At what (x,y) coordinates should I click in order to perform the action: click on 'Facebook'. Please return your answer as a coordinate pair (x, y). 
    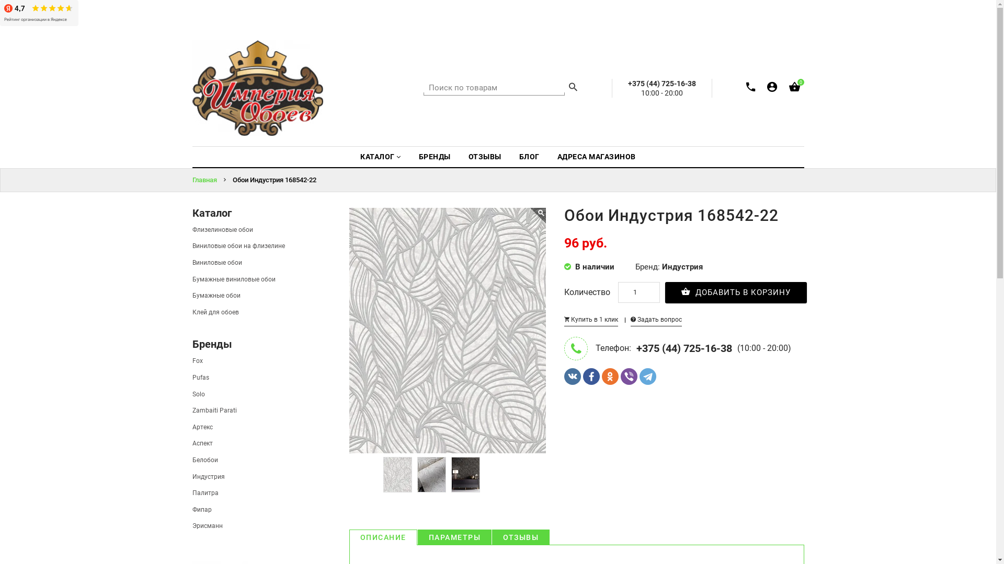
    Looking at the image, I should click on (591, 377).